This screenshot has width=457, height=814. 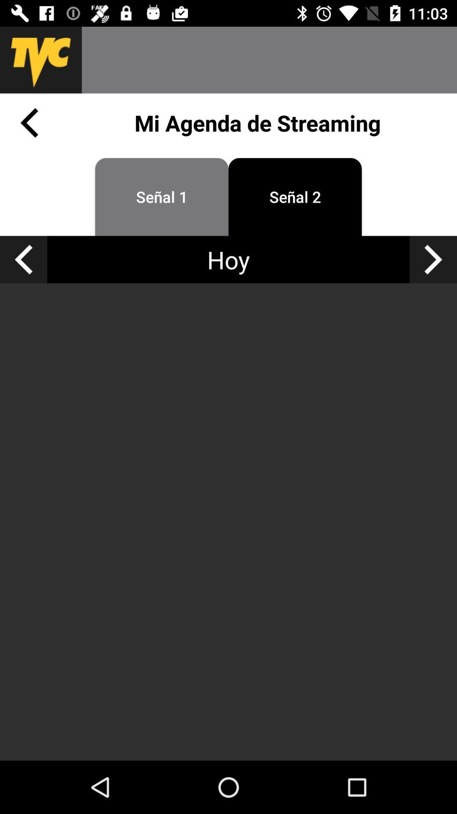 I want to click on go forward, so click(x=433, y=259).